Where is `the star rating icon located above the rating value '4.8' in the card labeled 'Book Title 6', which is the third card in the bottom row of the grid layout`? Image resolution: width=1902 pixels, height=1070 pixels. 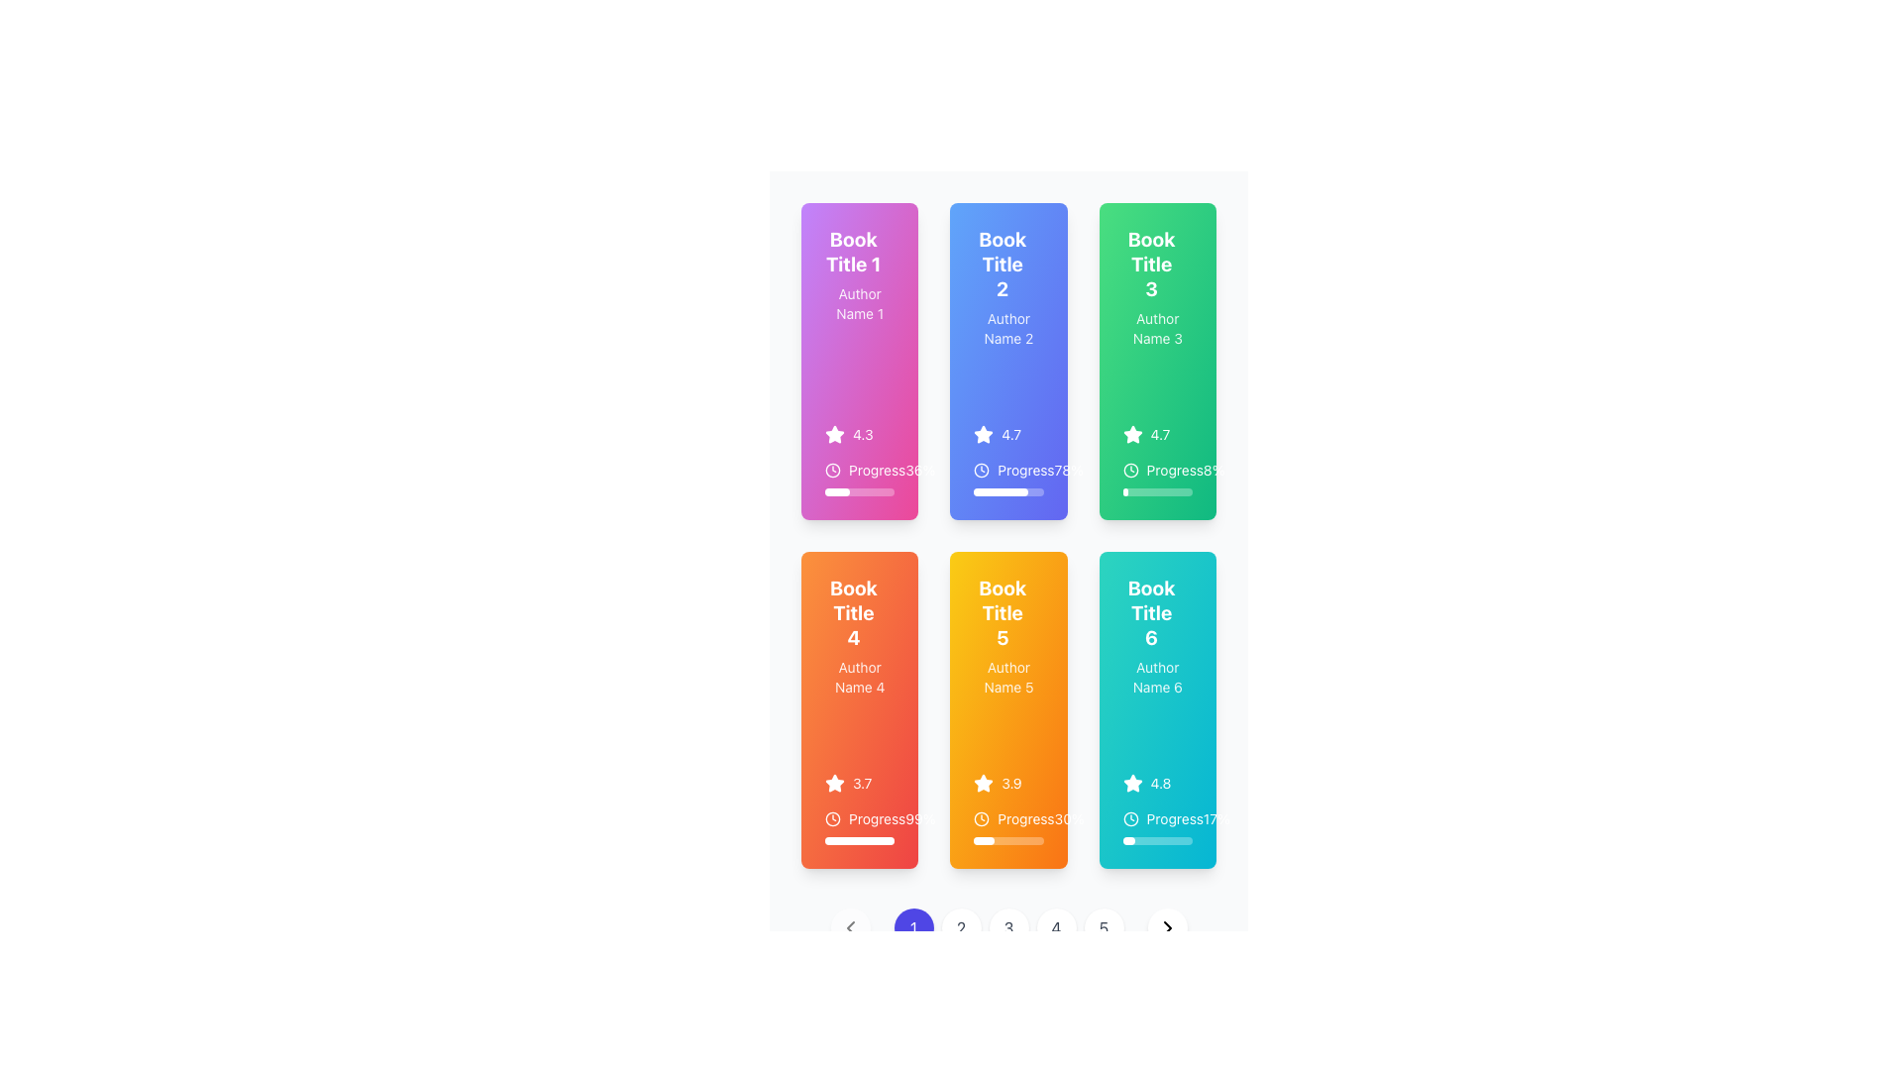 the star rating icon located above the rating value '4.8' in the card labeled 'Book Title 6', which is the third card in the bottom row of the grid layout is located at coordinates (1132, 782).